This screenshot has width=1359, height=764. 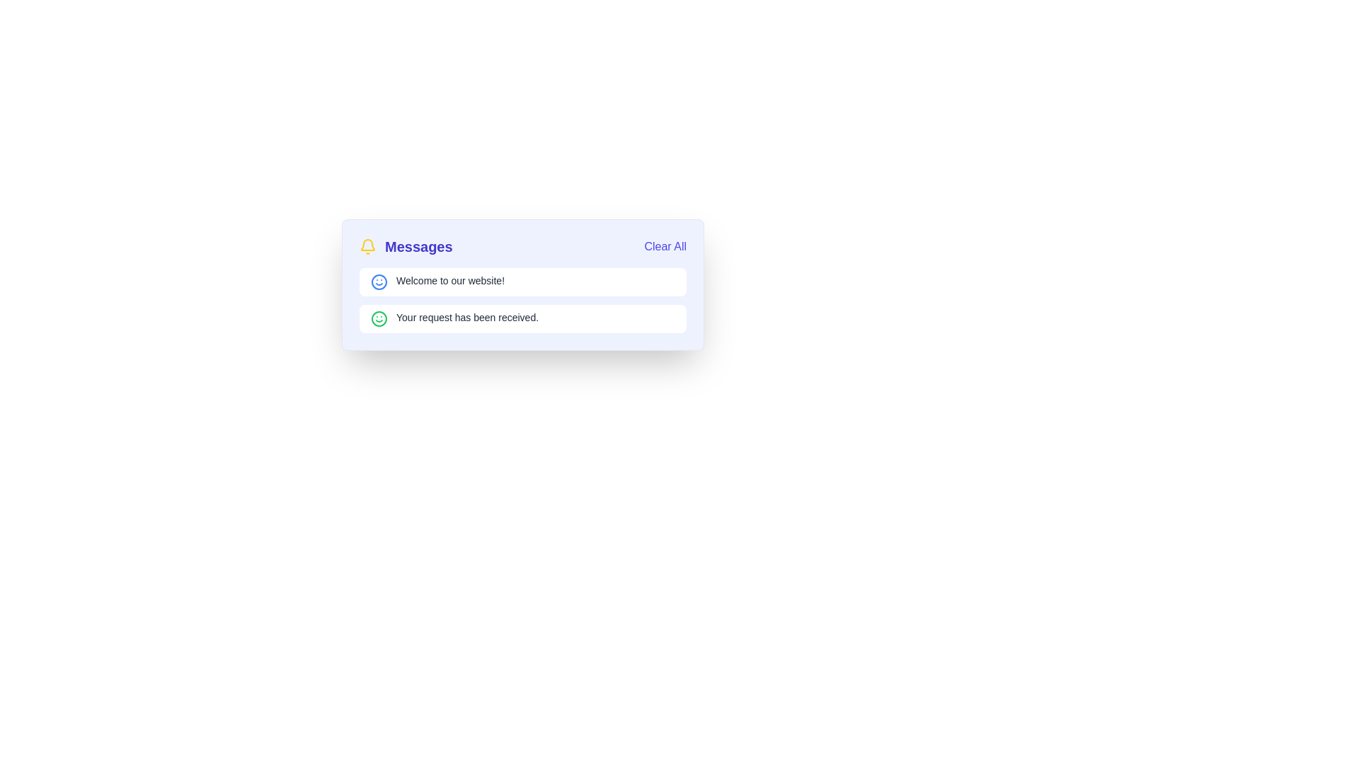 I want to click on the 'Clear All' button, which is displayed in bold indigo text and indicates interactivity with an underline effect on hover, located on the right side of the 'Messages' header, so click(x=665, y=245).